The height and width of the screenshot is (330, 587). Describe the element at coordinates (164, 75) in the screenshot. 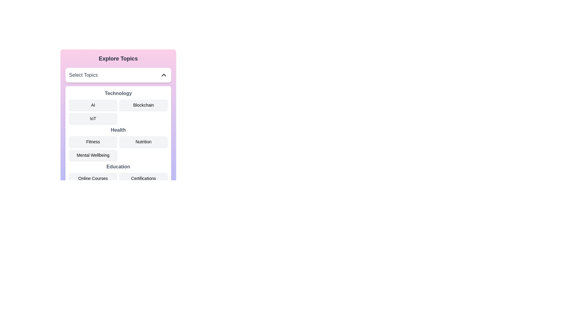

I see `the downward-pointing triangular chevron icon located at the far right of the 'Select Topics' button` at that location.